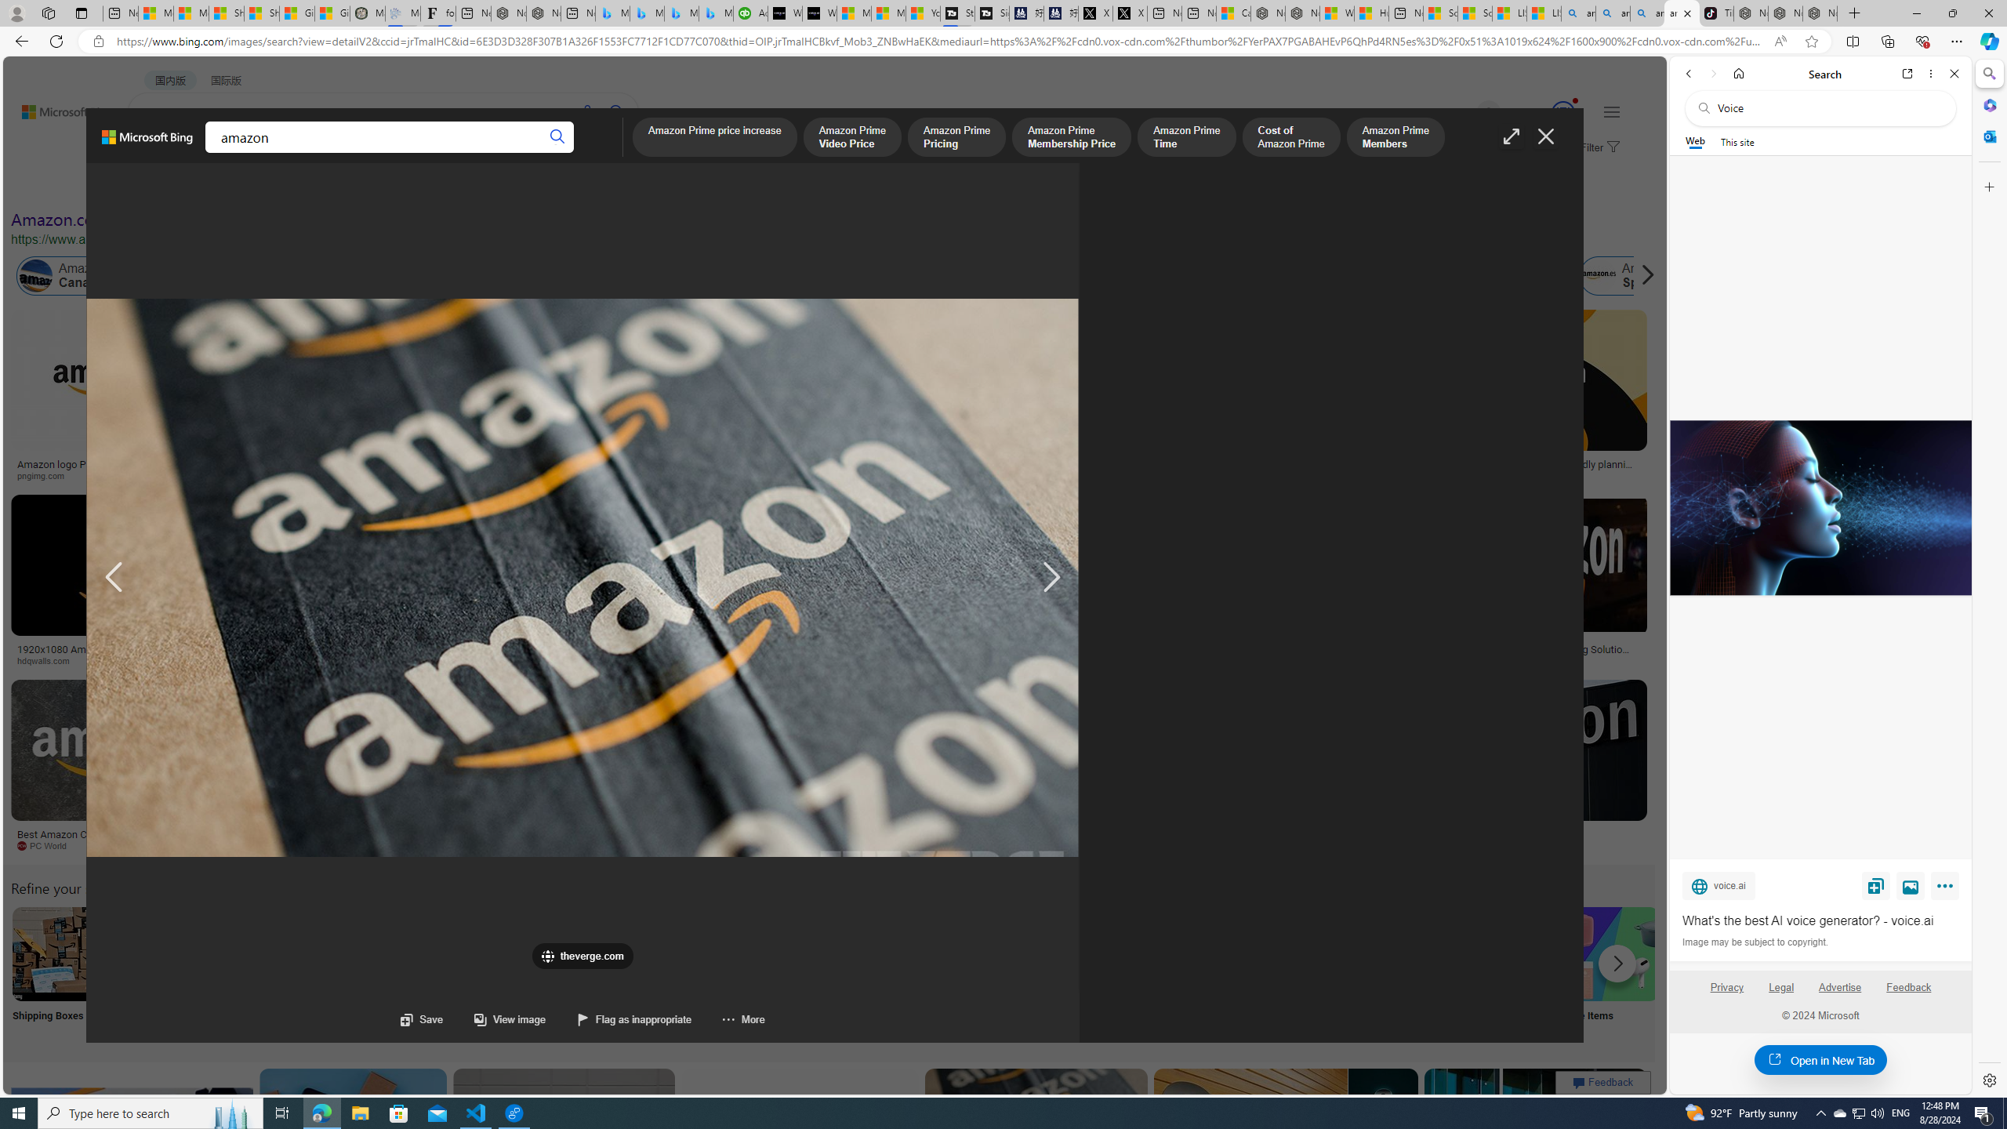 This screenshot has height=1129, width=2007. Describe the element at coordinates (1631, 276) in the screenshot. I see `'Amazon Spain'` at that location.